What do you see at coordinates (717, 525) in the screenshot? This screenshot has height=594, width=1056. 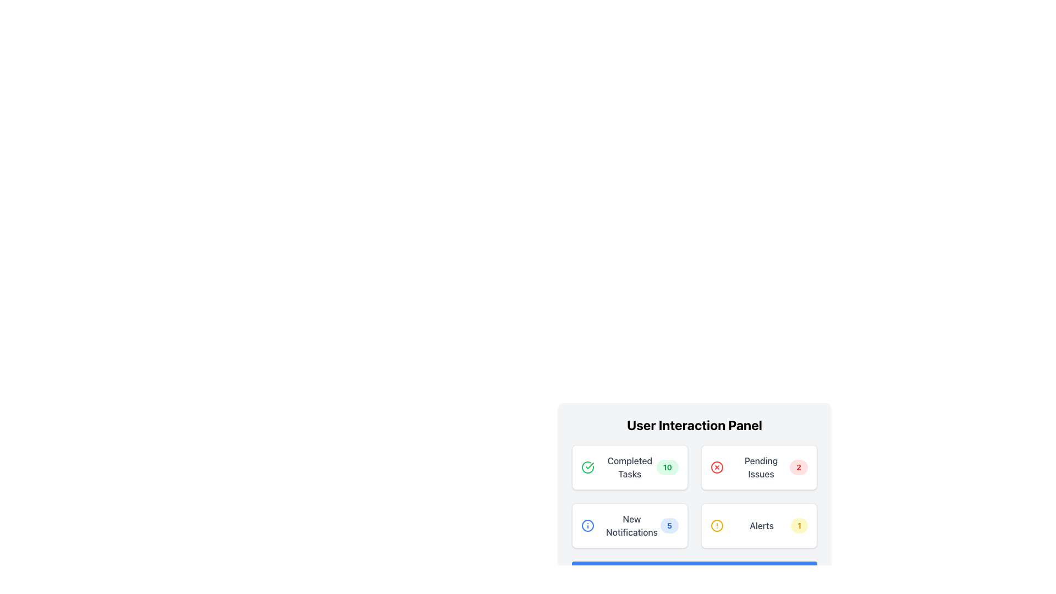 I see `the yellow geometric SVG circle located in the bottom-right quadrant of the UI panel under the 'Alerts' section` at bounding box center [717, 525].